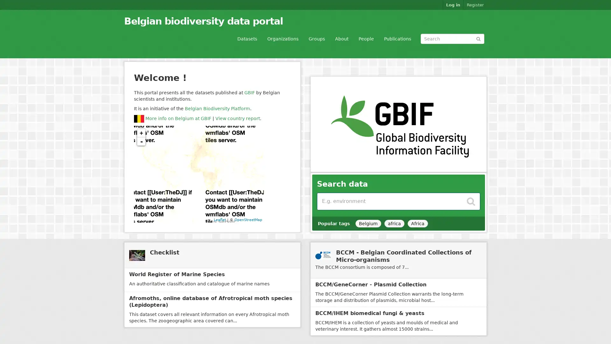 The height and width of the screenshot is (344, 611). I want to click on Search, so click(471, 199).